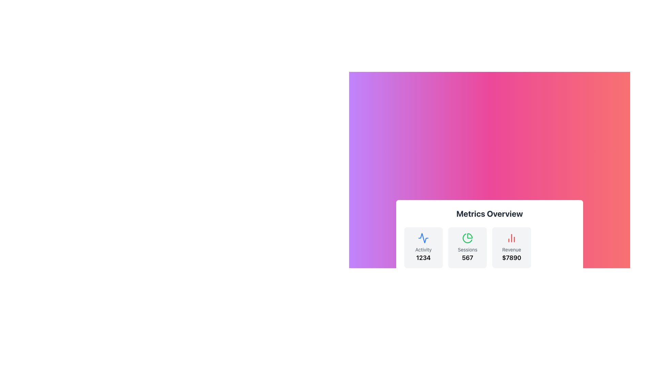  Describe the element at coordinates (423, 237) in the screenshot. I see `the activity metric icon located at the top section of the first card under 'Metrics Overview', which is centered above the labels 'Activity' and '1234'` at that location.